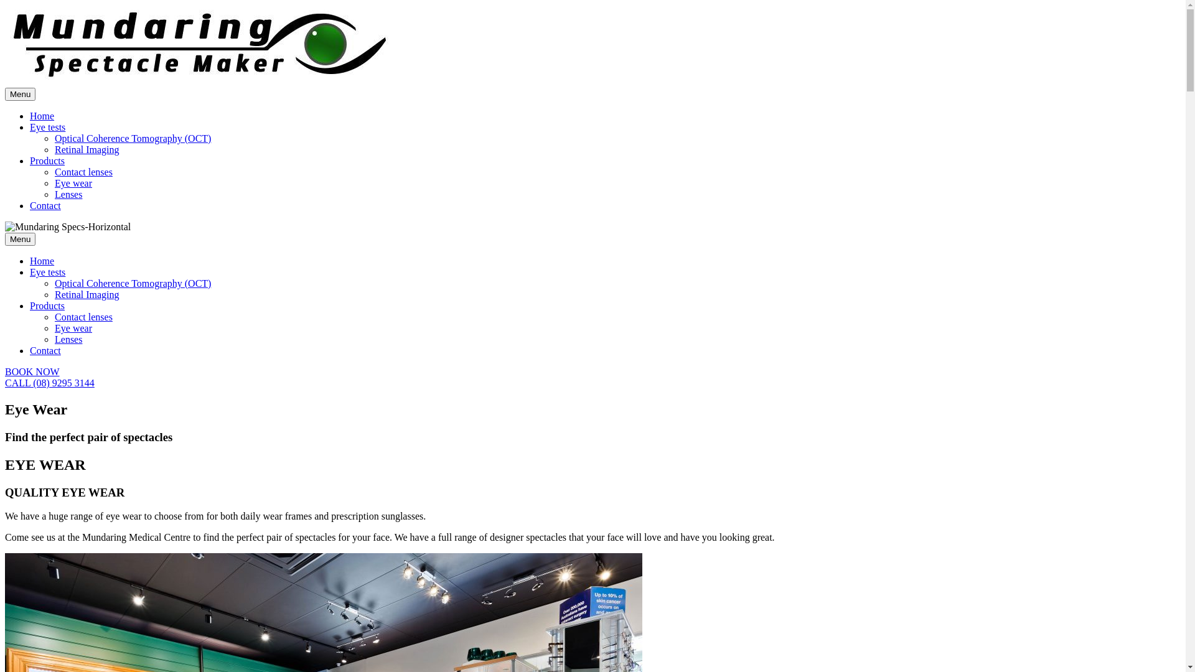  Describe the element at coordinates (133, 138) in the screenshot. I see `'Optical Coherence Tomography (OCT)'` at that location.